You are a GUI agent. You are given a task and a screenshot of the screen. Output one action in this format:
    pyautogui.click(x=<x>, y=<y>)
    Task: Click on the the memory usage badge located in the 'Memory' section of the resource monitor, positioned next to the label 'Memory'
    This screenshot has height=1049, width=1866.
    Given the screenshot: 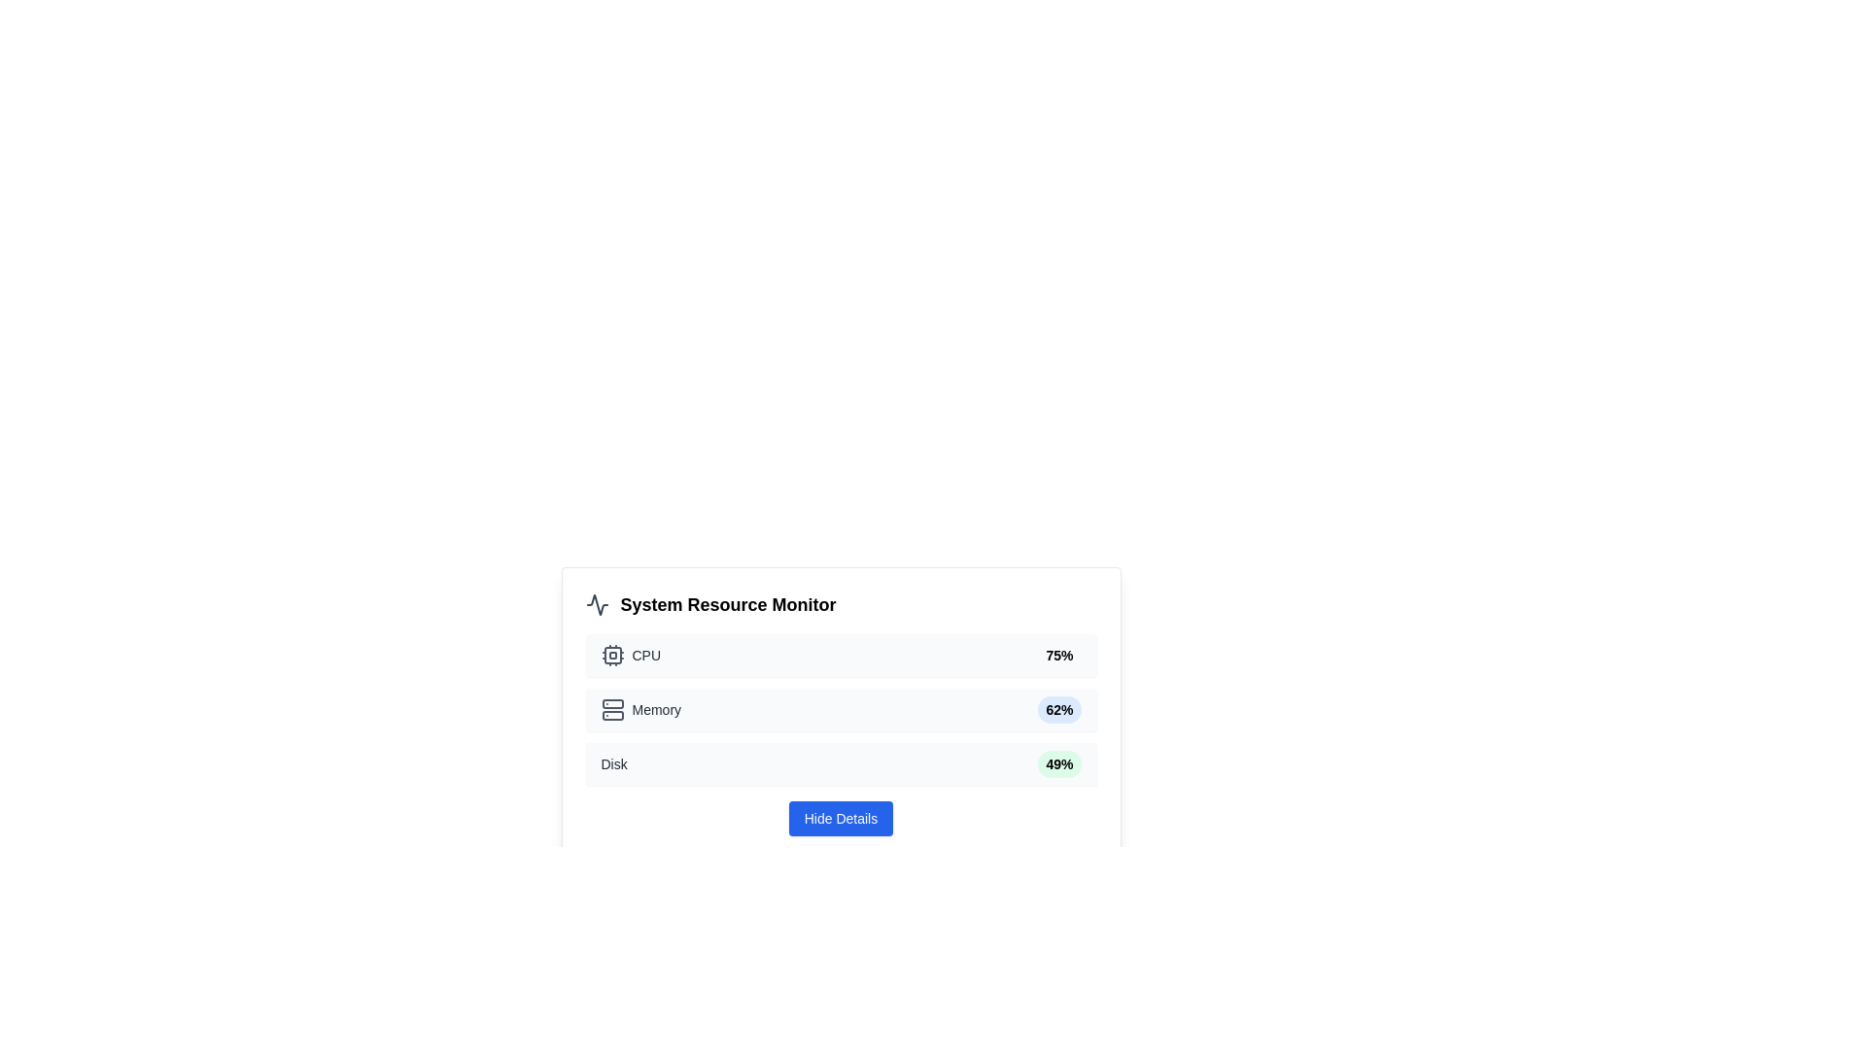 What is the action you would take?
    pyautogui.click(x=1058, y=710)
    